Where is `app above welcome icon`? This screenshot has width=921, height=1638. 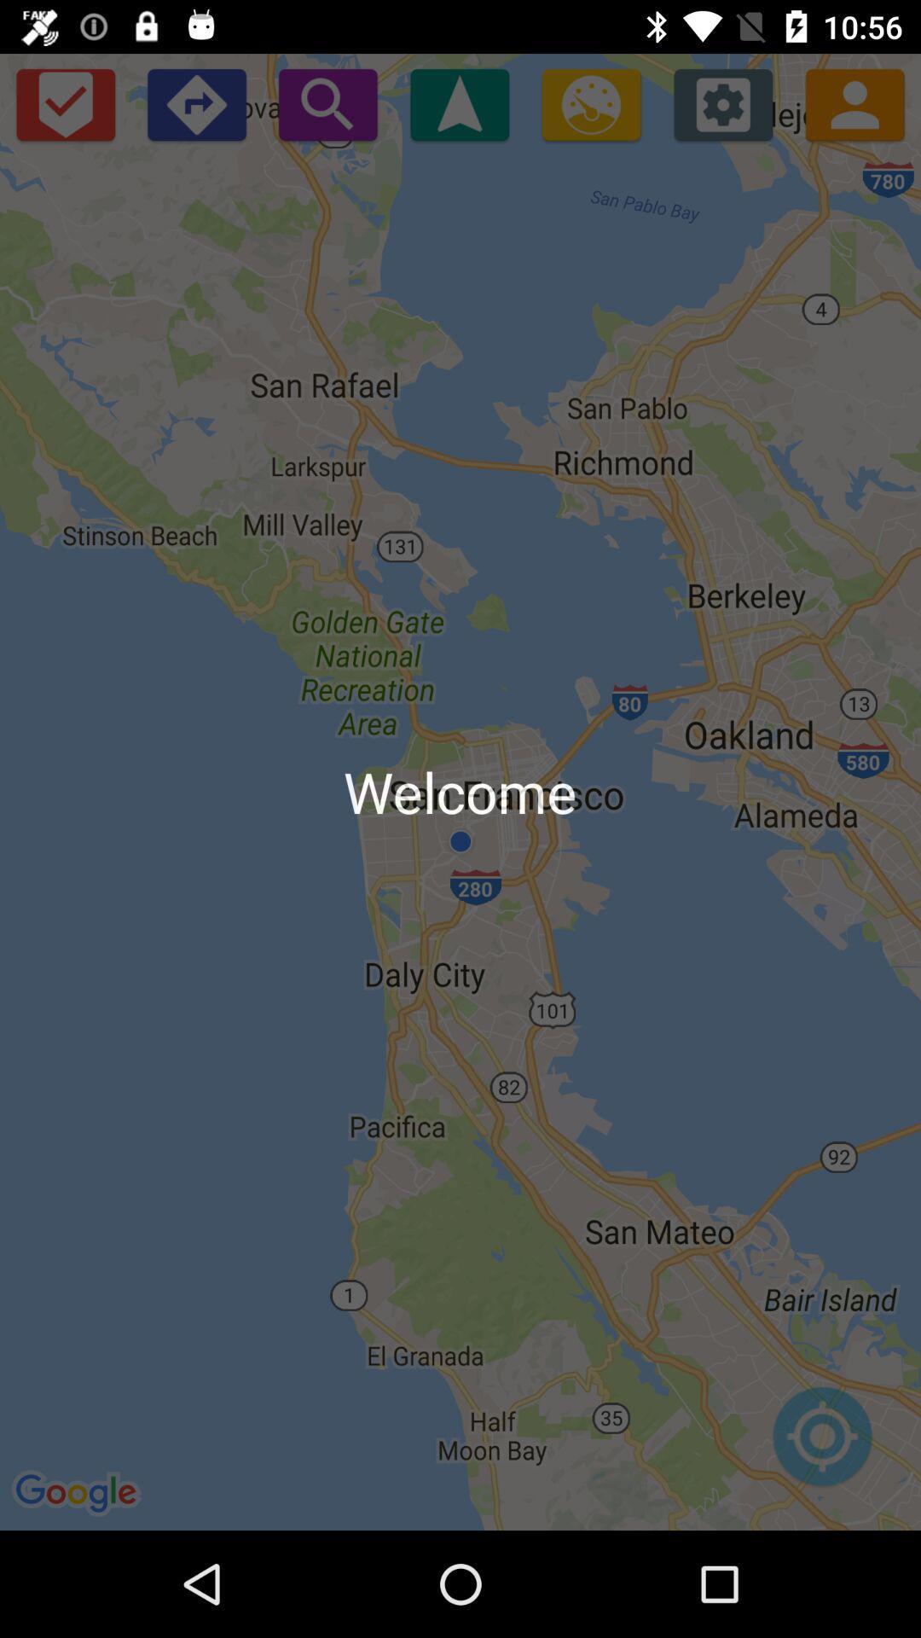
app above welcome icon is located at coordinates (459, 103).